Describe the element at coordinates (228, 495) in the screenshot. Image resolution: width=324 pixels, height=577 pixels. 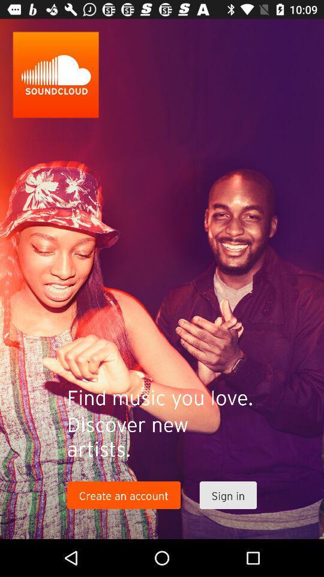
I see `item below the discover new artists.` at that location.